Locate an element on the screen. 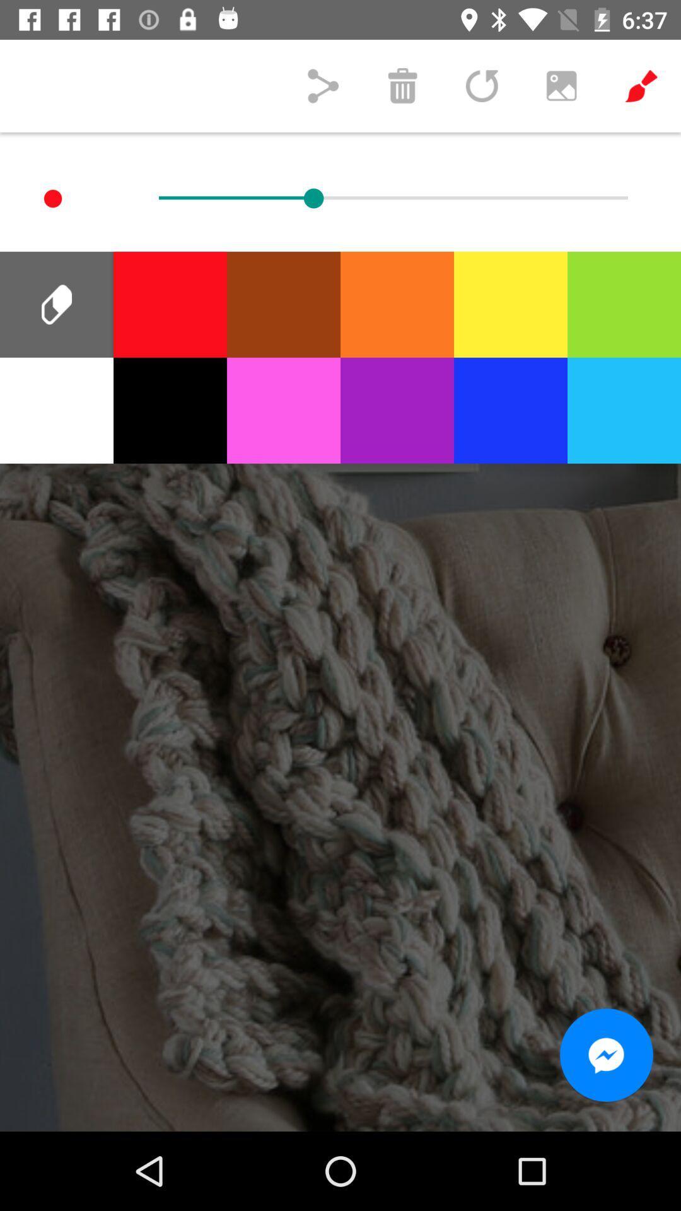  the chat icon is located at coordinates (605, 1056).